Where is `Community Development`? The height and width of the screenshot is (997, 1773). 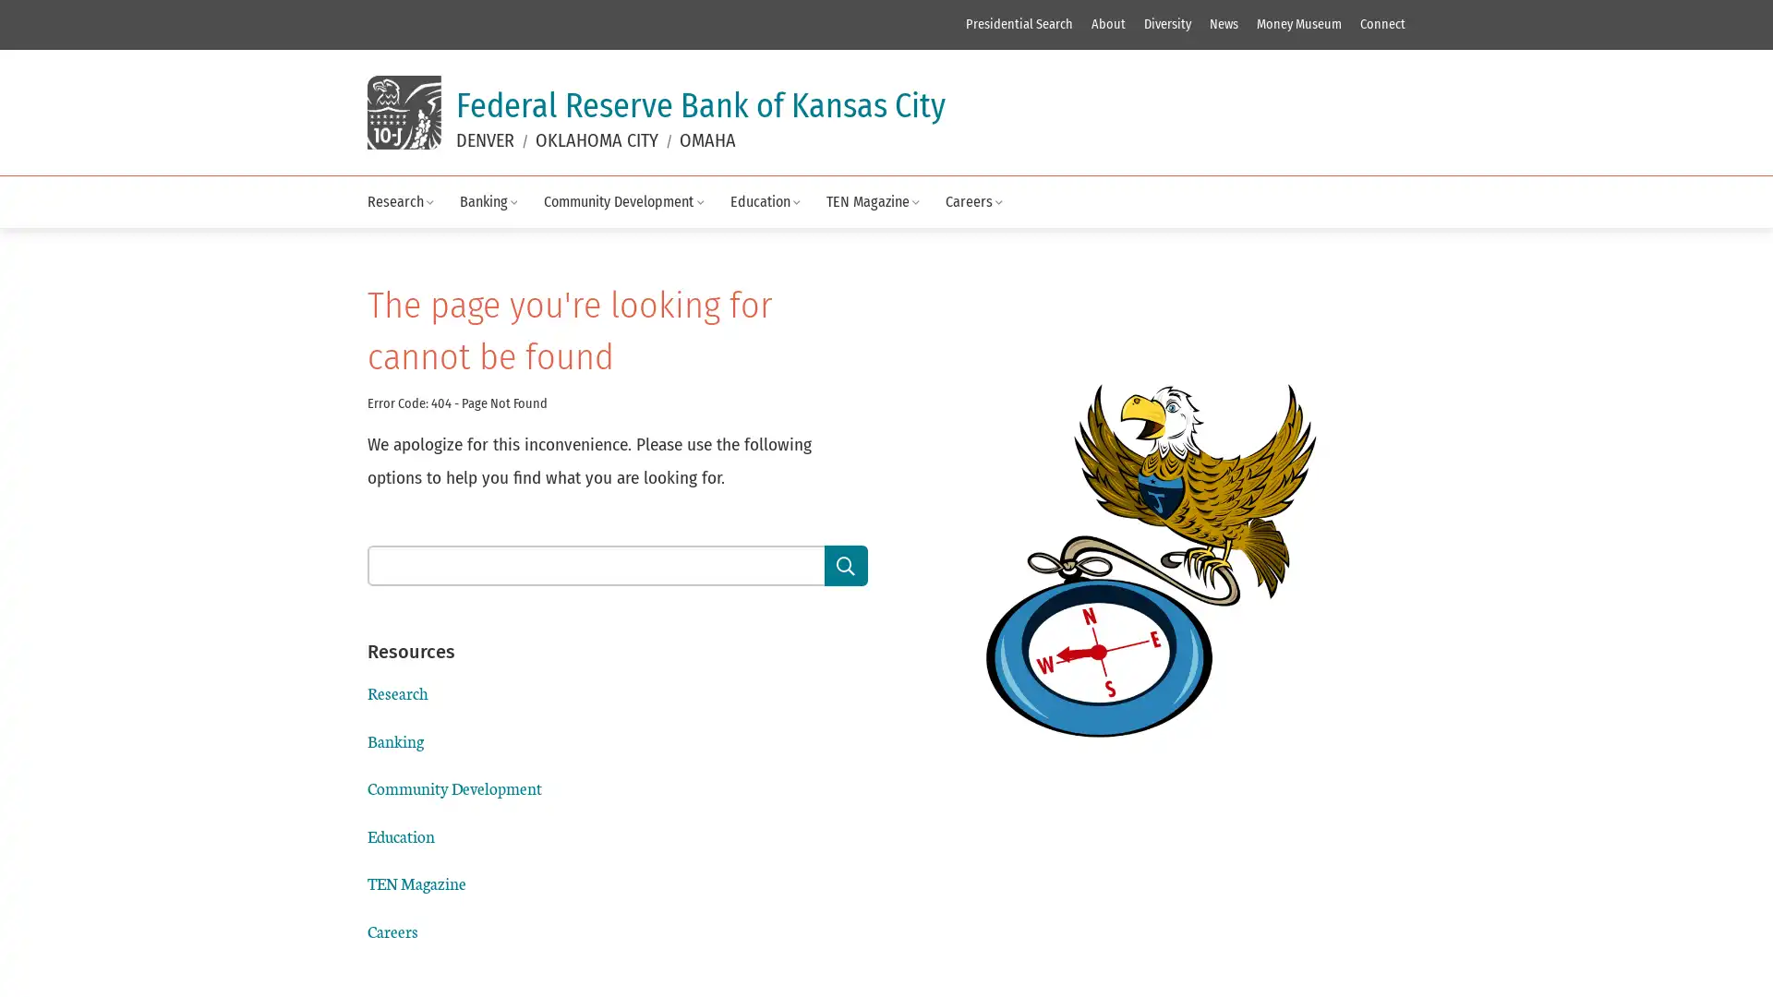 Community Development is located at coordinates (623, 201).